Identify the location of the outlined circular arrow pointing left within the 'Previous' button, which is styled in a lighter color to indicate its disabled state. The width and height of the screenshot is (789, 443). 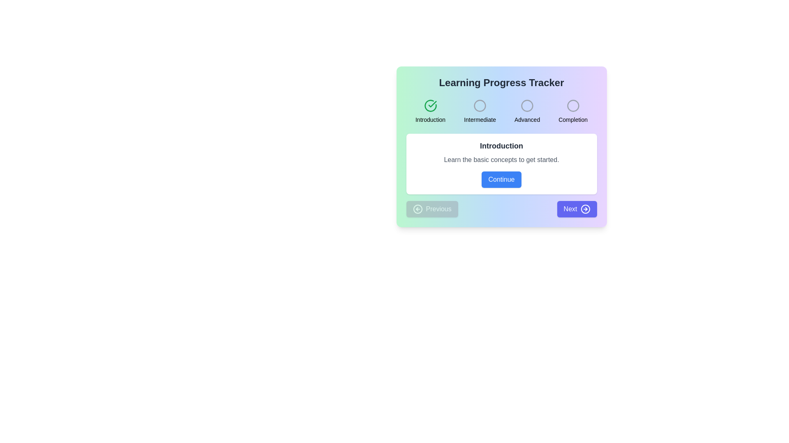
(418, 208).